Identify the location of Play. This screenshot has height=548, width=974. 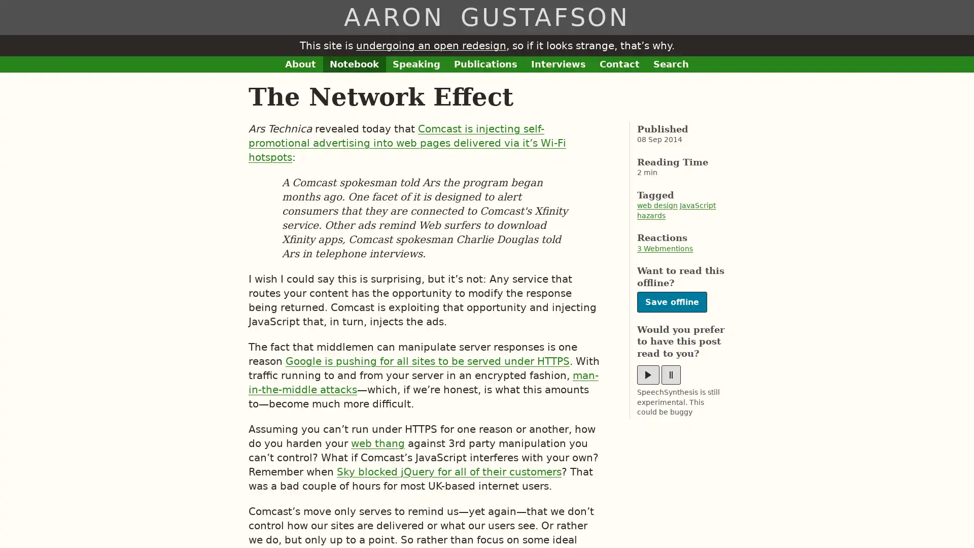
(647, 375).